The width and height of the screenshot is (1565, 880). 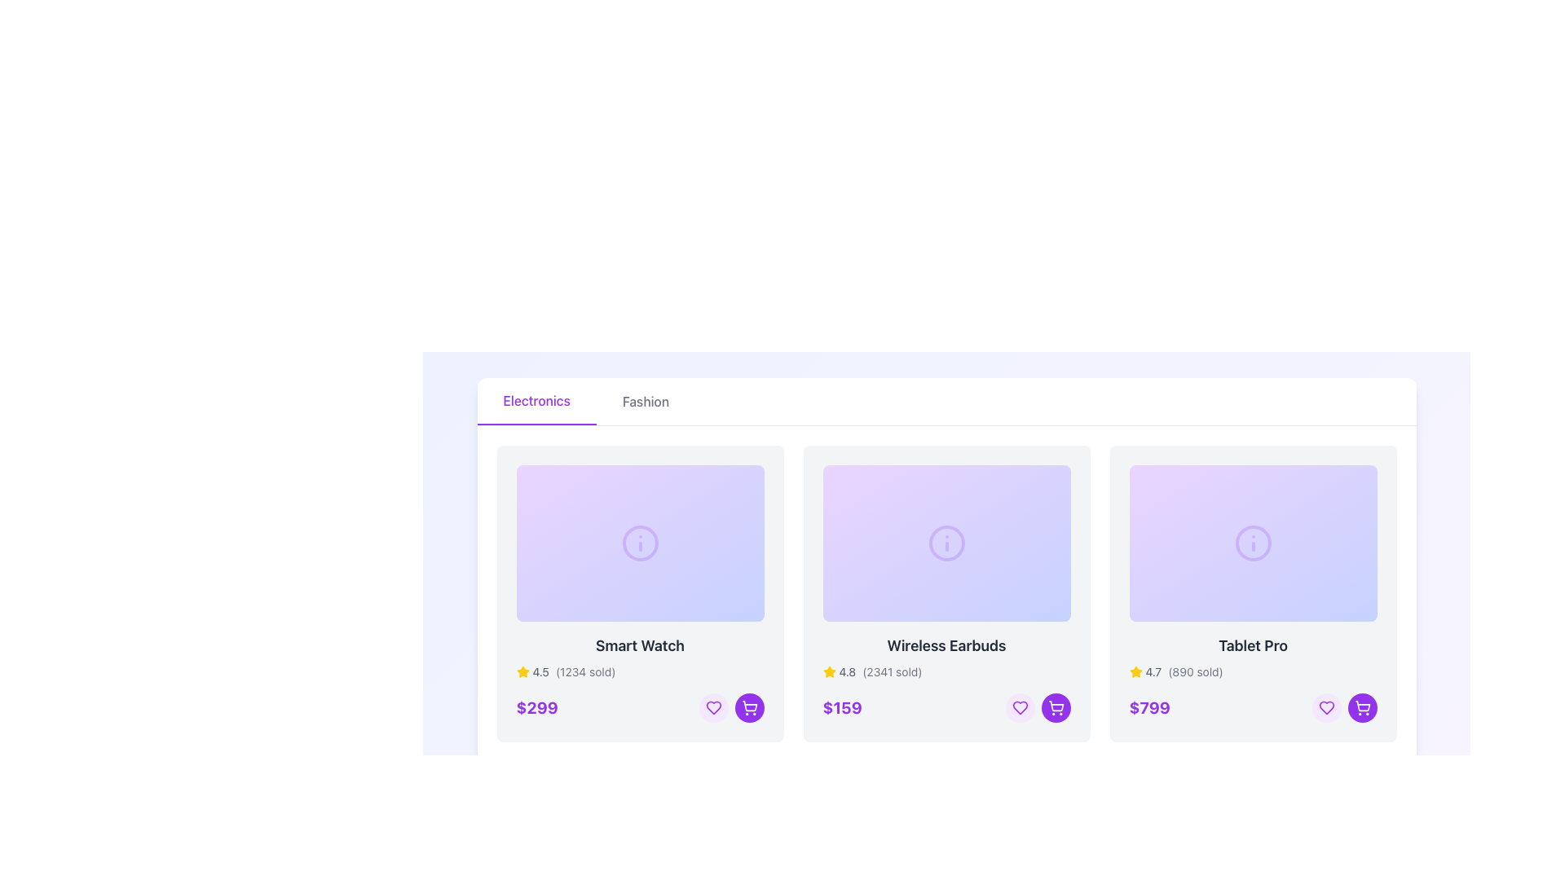 What do you see at coordinates (1148, 706) in the screenshot?
I see `the price text element displaying the cost of the 'Tablet Pro' located in the bottom section of the rightmost product card` at bounding box center [1148, 706].